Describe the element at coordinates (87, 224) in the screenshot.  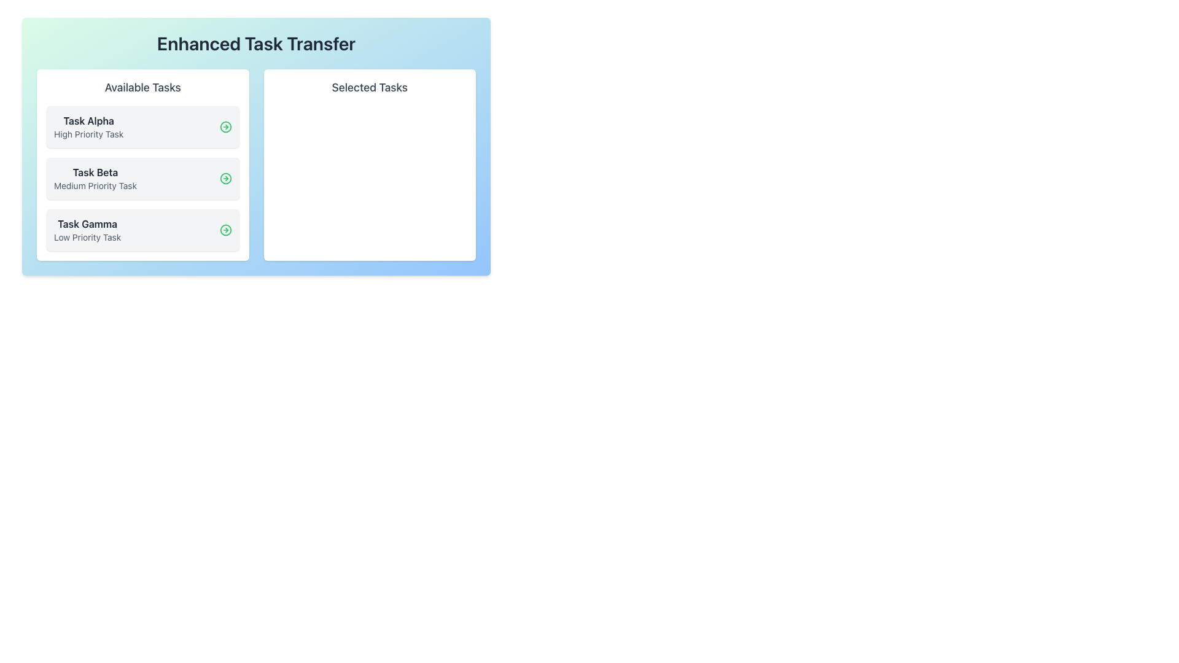
I see `the text label displaying 'Task Gamma', which is bold and dark gray, positioned above 'Low Priority Task' within the 'Available Tasks' panel` at that location.